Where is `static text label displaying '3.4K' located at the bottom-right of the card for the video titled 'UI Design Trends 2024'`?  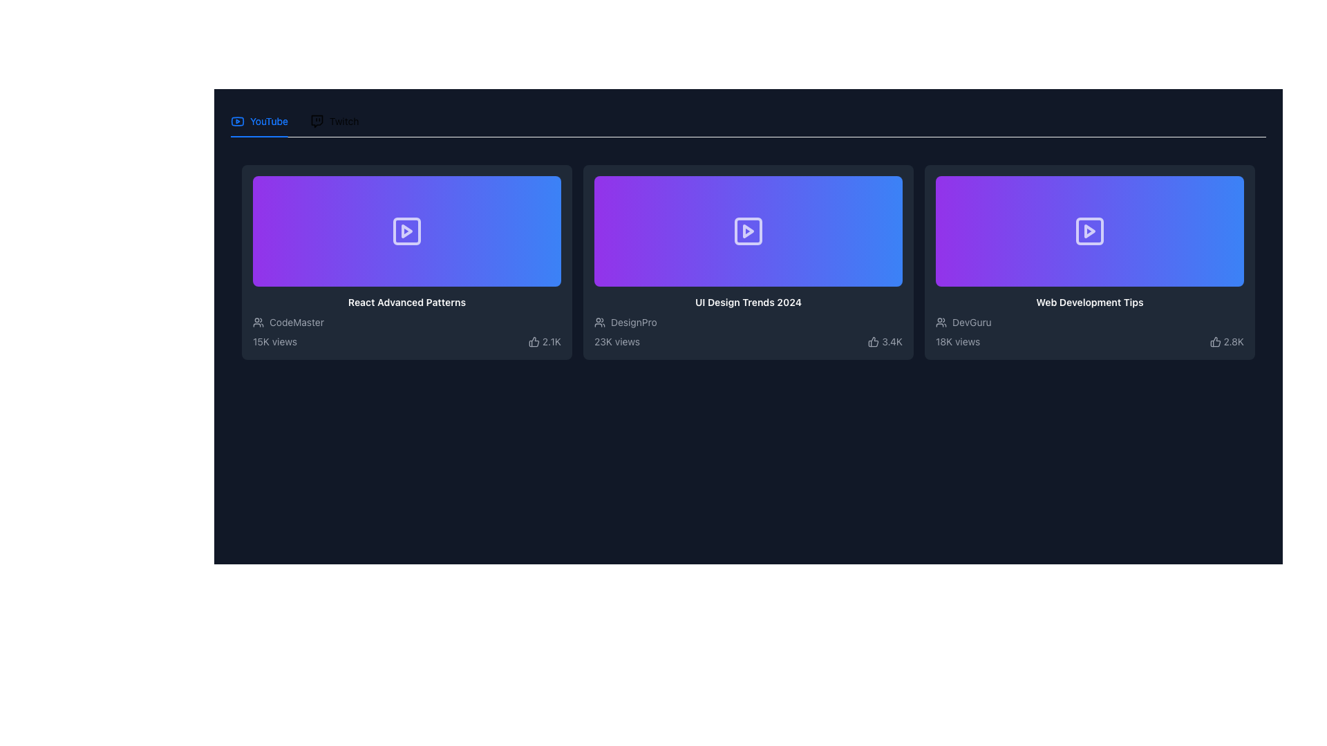 static text label displaying '3.4K' located at the bottom-right of the card for the video titled 'UI Design Trends 2024' is located at coordinates (892, 341).